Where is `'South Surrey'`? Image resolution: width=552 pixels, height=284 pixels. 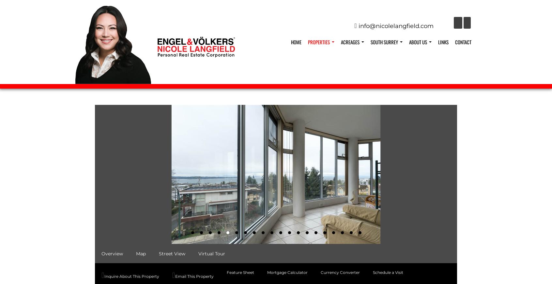
'South Surrey' is located at coordinates (370, 42).